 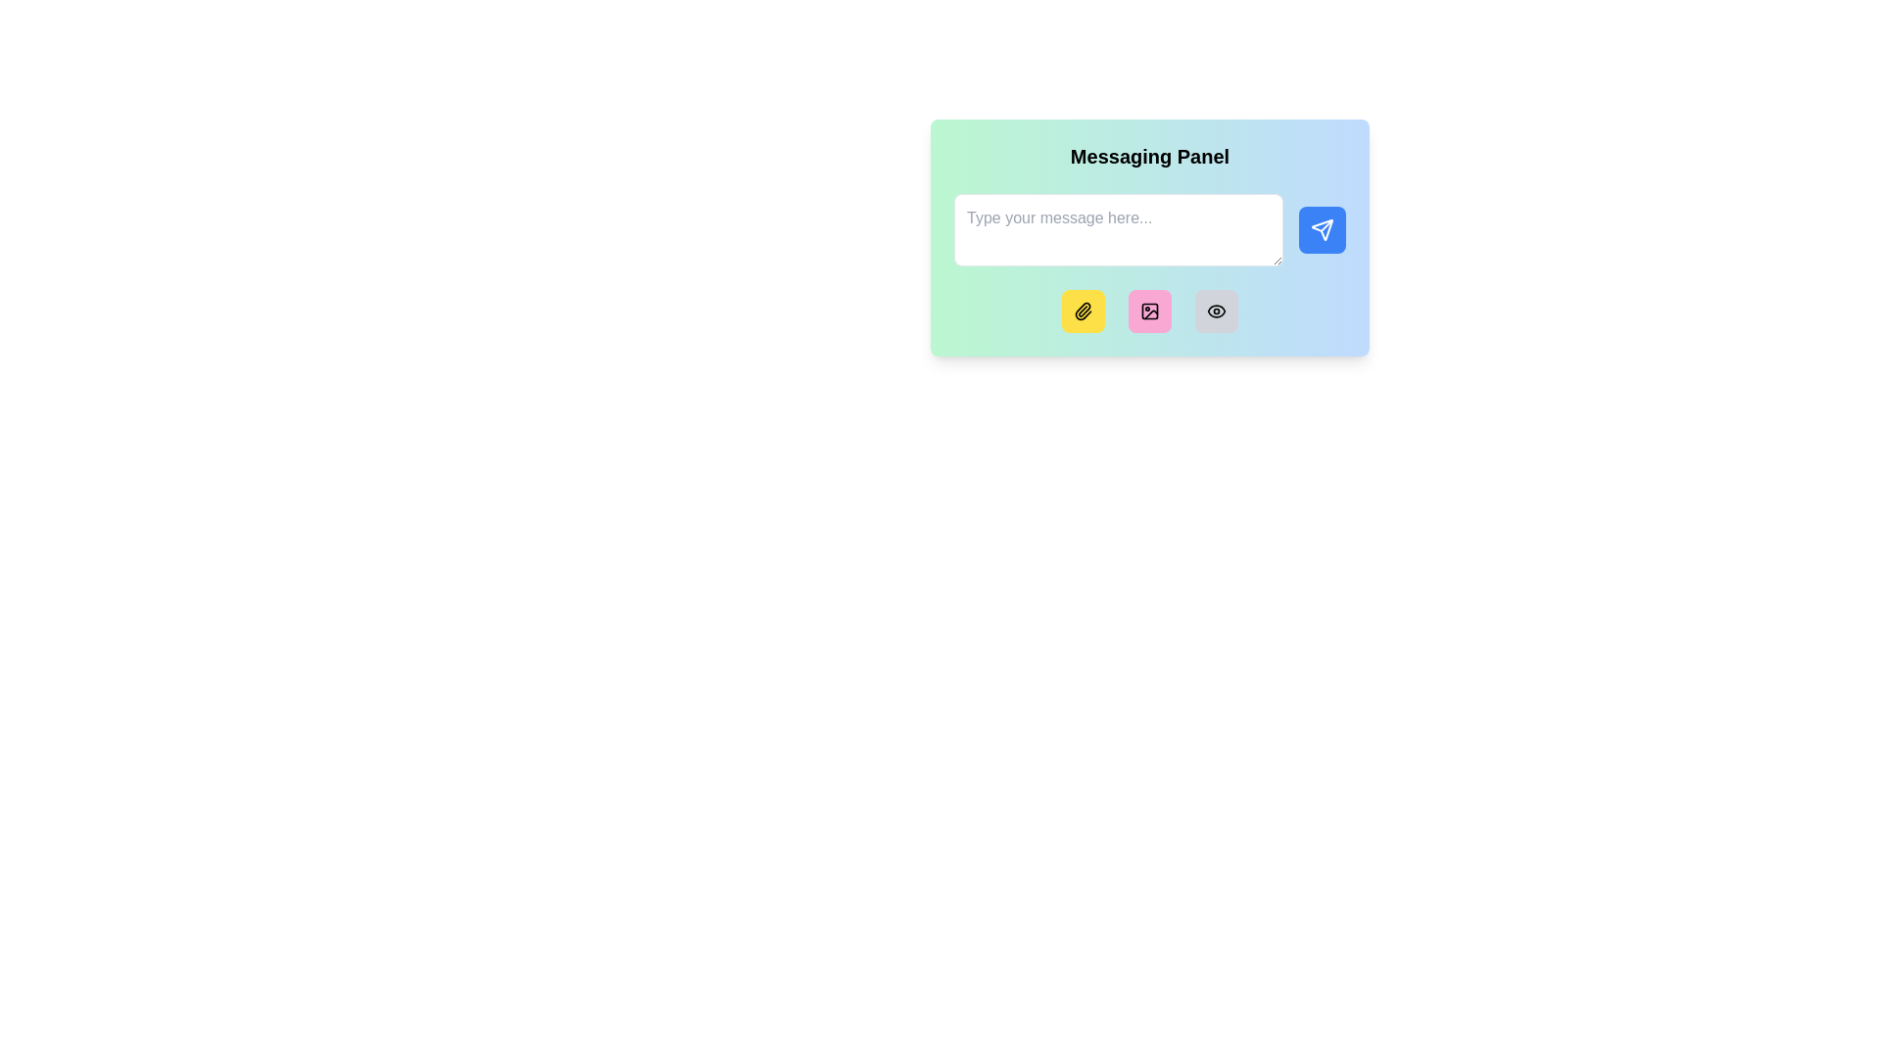 I want to click on the paperclip icon, which is the left-most icon in the row of action icons located below the message input field, so click(x=1082, y=310).